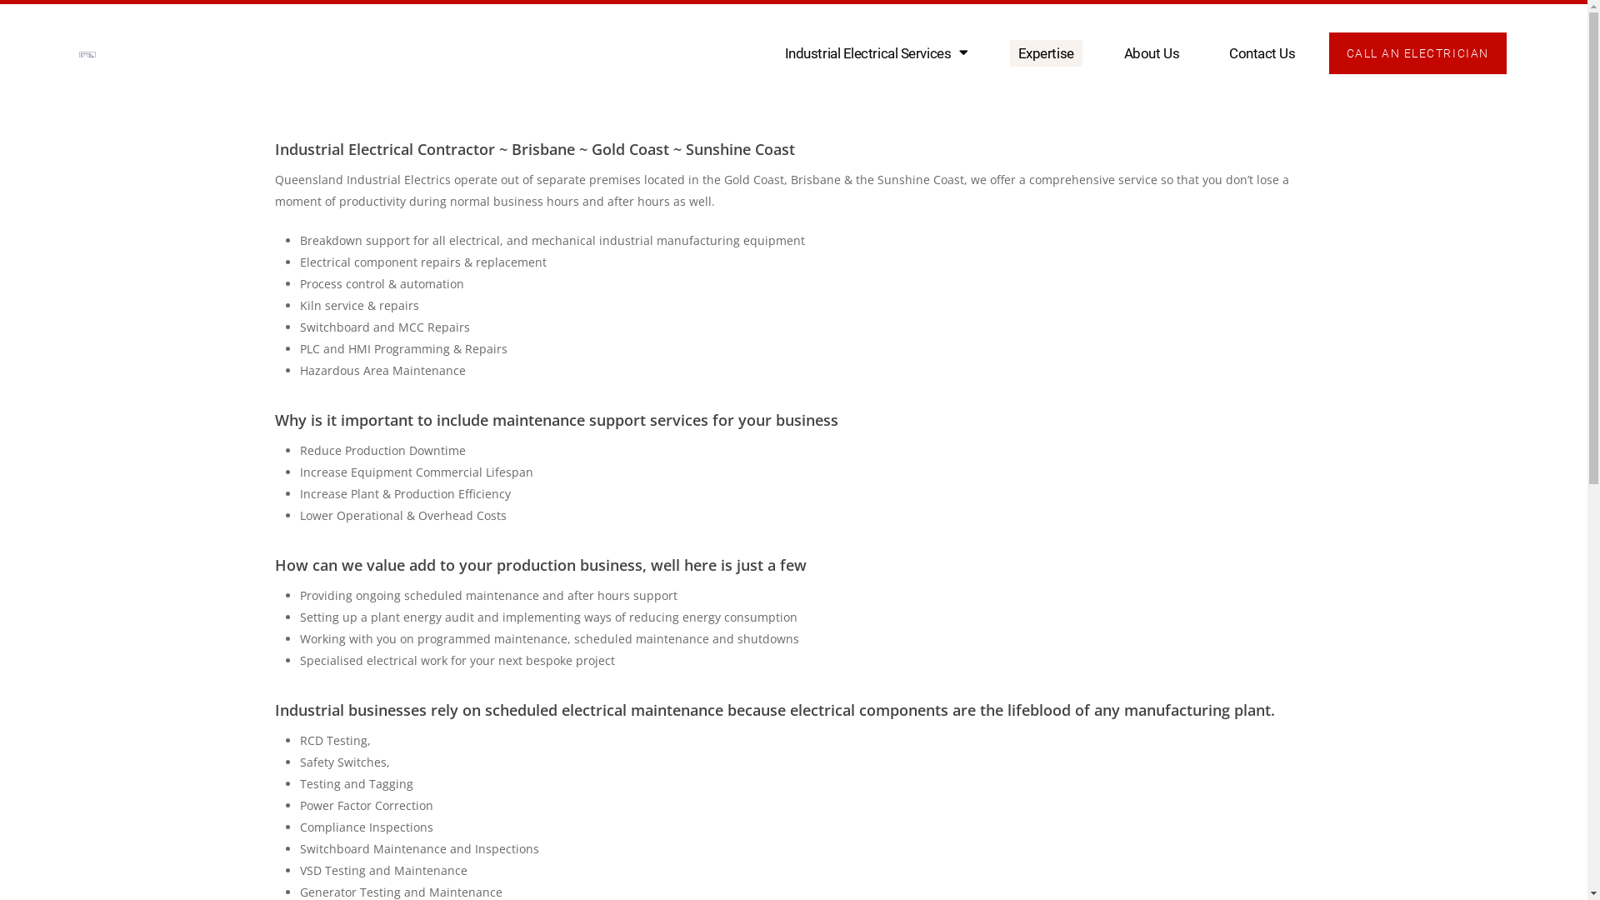 This screenshot has width=1600, height=900. What do you see at coordinates (1045, 52) in the screenshot?
I see `'Expertise'` at bounding box center [1045, 52].